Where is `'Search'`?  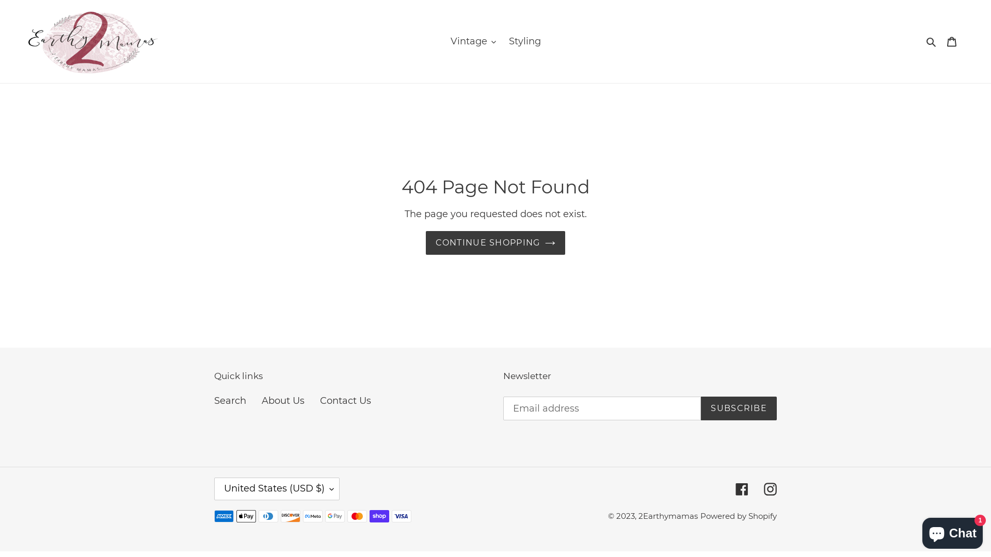 'Search' is located at coordinates (932, 41).